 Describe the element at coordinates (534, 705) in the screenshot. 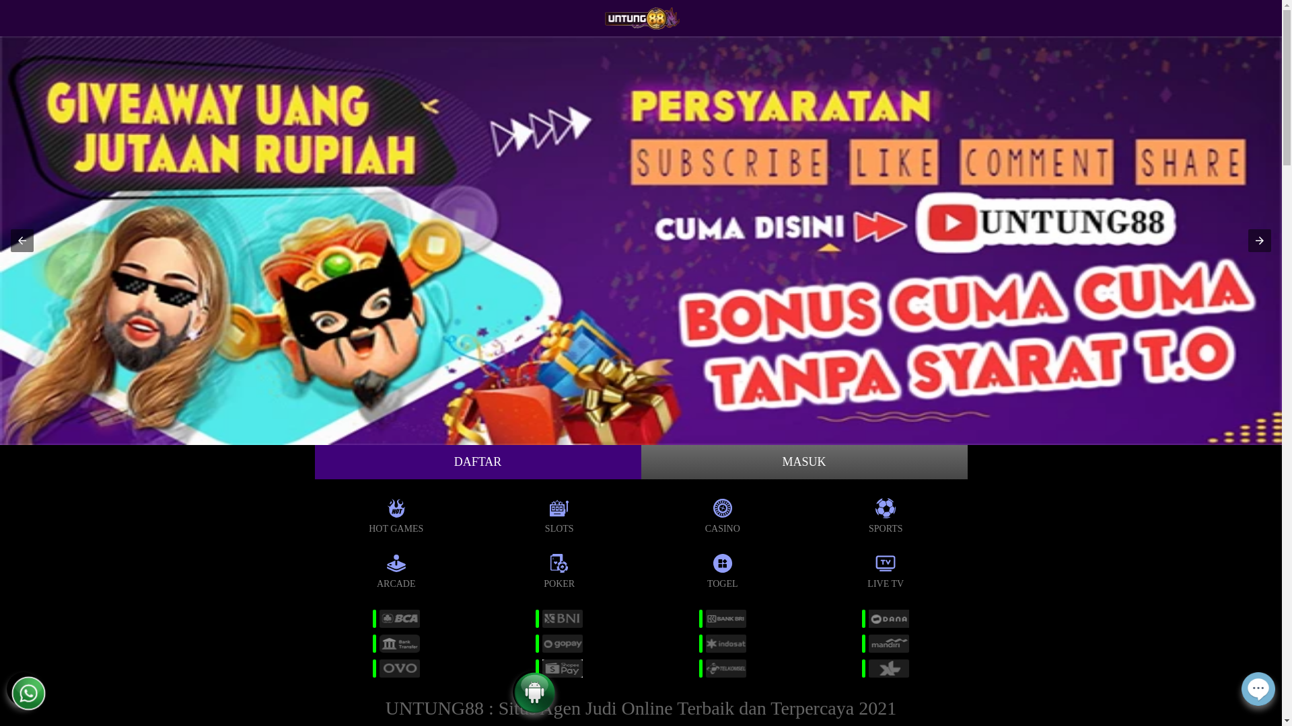

I see `'Download APK'` at that location.